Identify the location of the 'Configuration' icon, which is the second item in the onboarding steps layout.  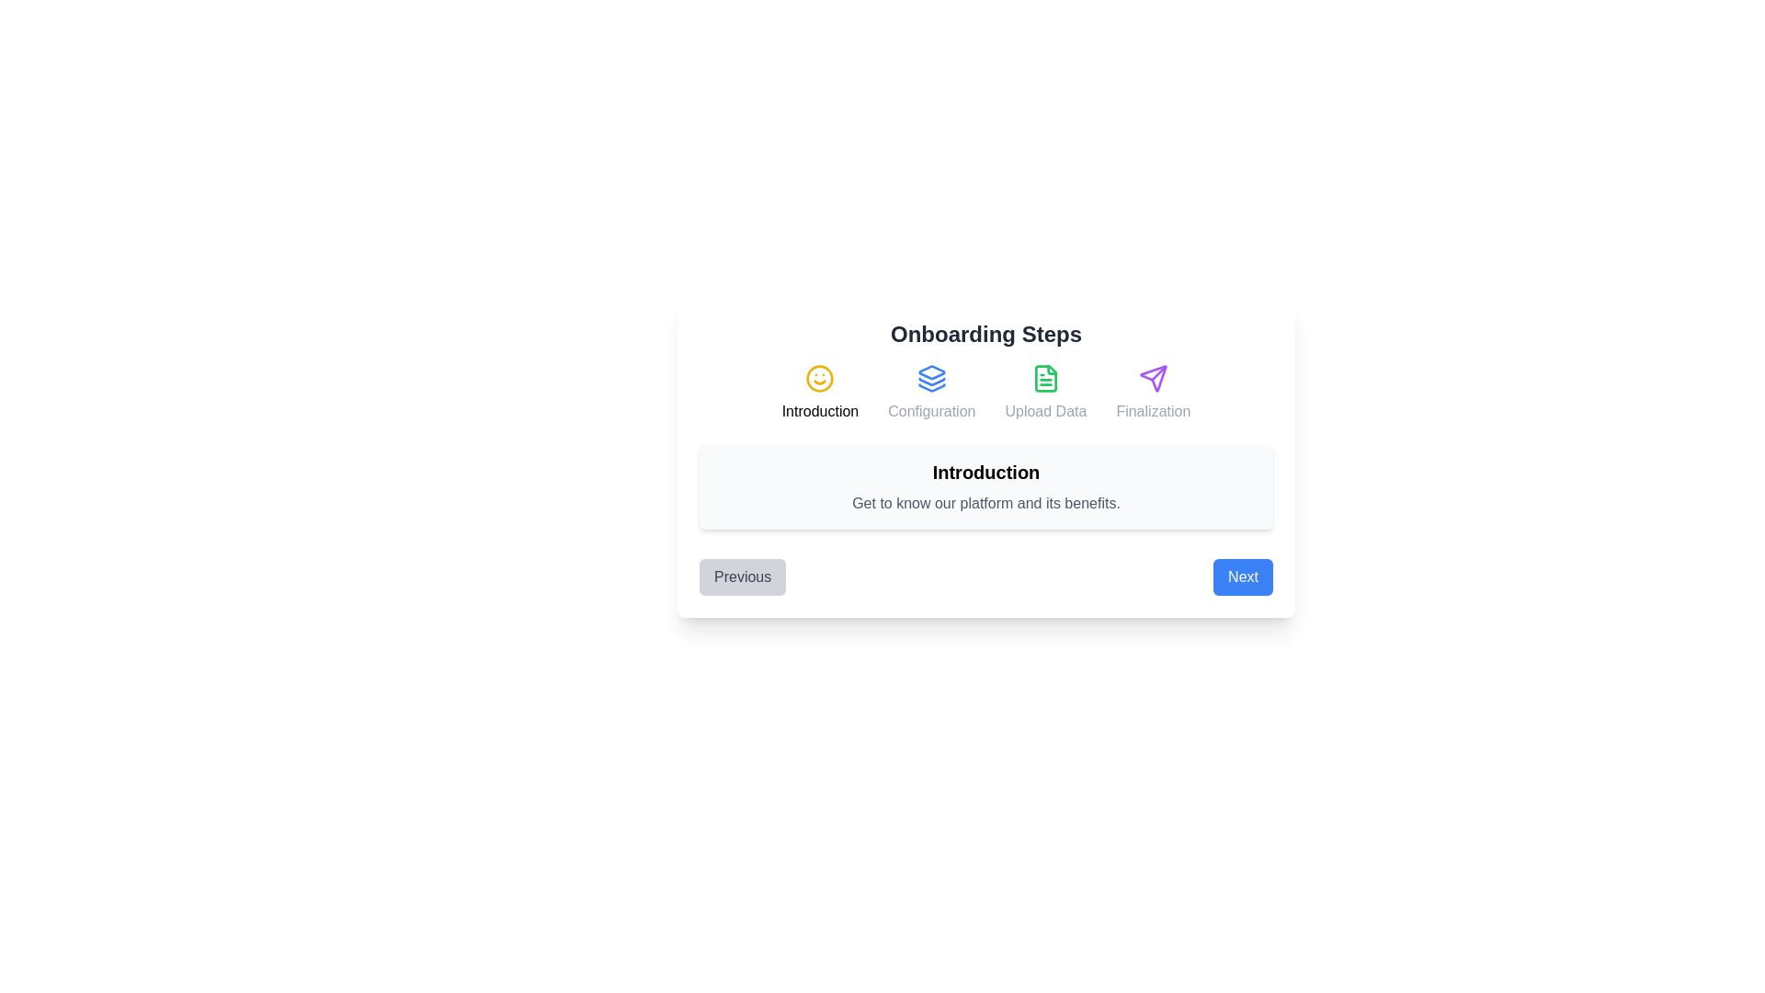
(931, 378).